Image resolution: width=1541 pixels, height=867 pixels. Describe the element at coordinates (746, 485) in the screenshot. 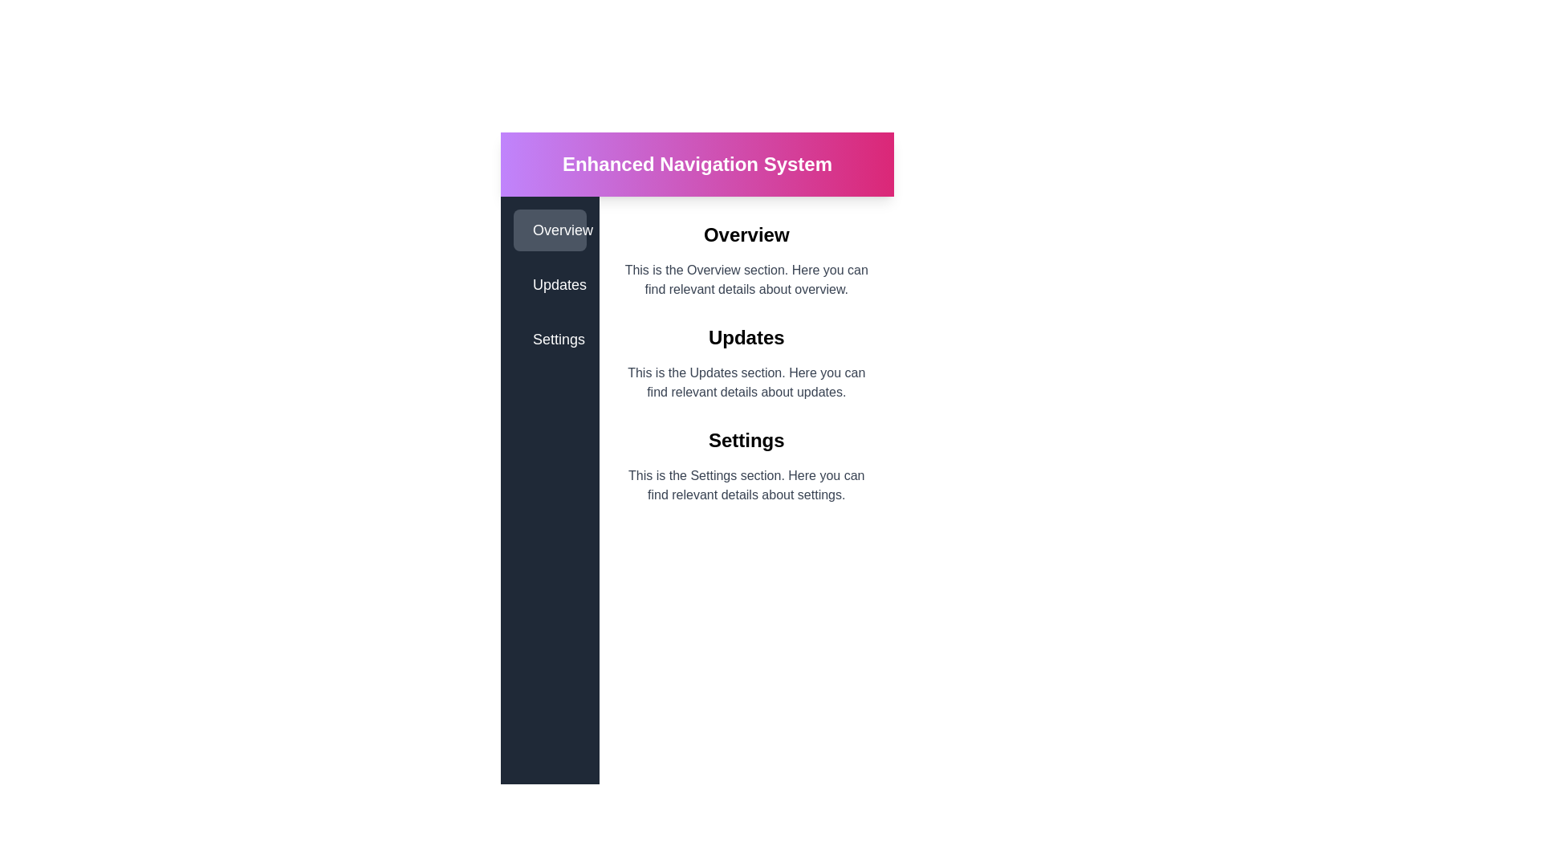

I see `the text block displaying 'This is the Settings section. Here you can find relevant details about settings.' located below the 'Settings' title` at that location.